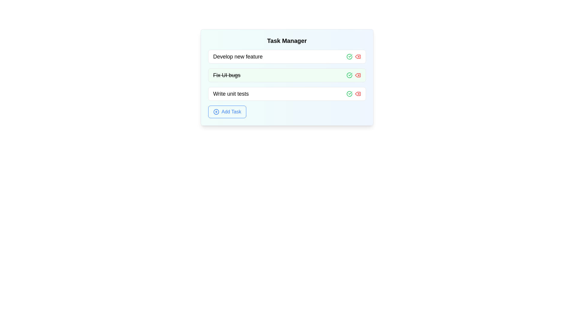 The image size is (576, 324). I want to click on the delete button for the task with title 'Fix UI bugs', so click(358, 75).